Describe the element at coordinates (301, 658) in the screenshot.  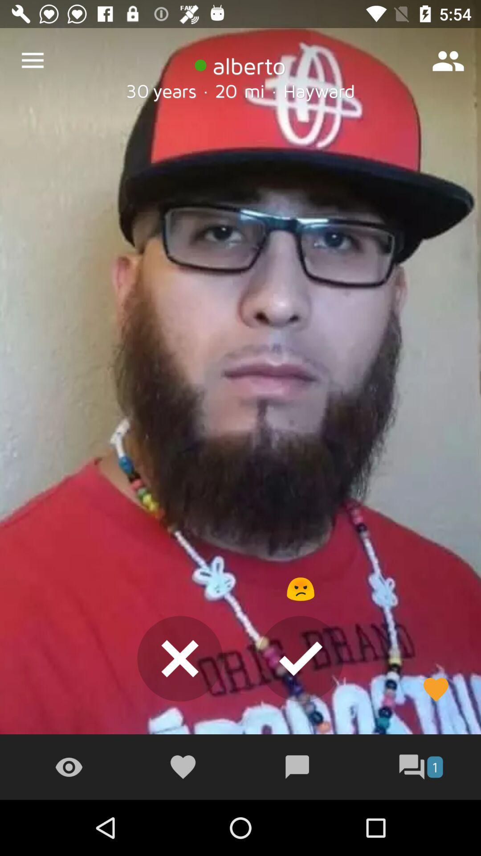
I see `the check icon` at that location.